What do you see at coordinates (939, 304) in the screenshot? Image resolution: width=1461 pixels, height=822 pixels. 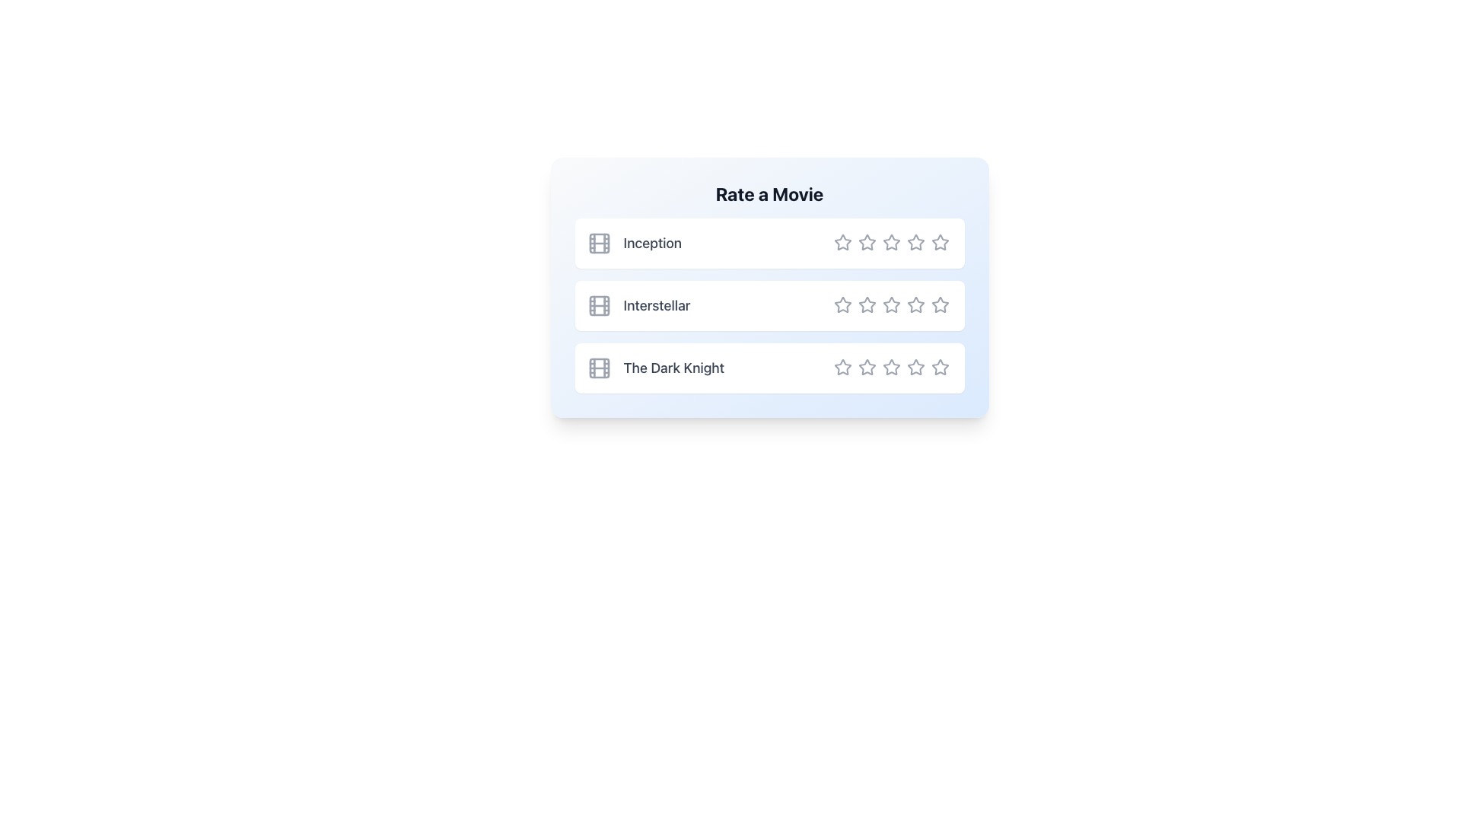 I see `the fourth star icon in the rating row for the movie 'Interstellar'` at bounding box center [939, 304].